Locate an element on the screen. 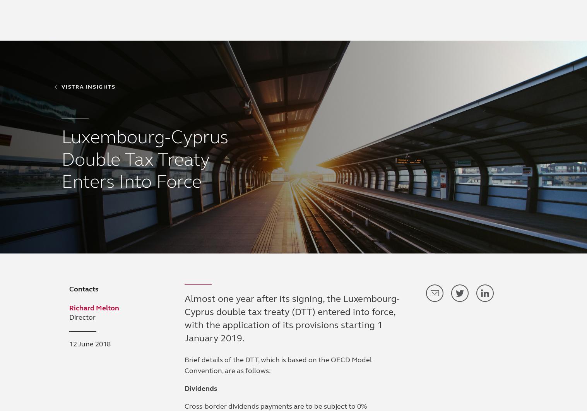 The image size is (587, 411). '11 Oct 2023' is located at coordinates (566, 265).